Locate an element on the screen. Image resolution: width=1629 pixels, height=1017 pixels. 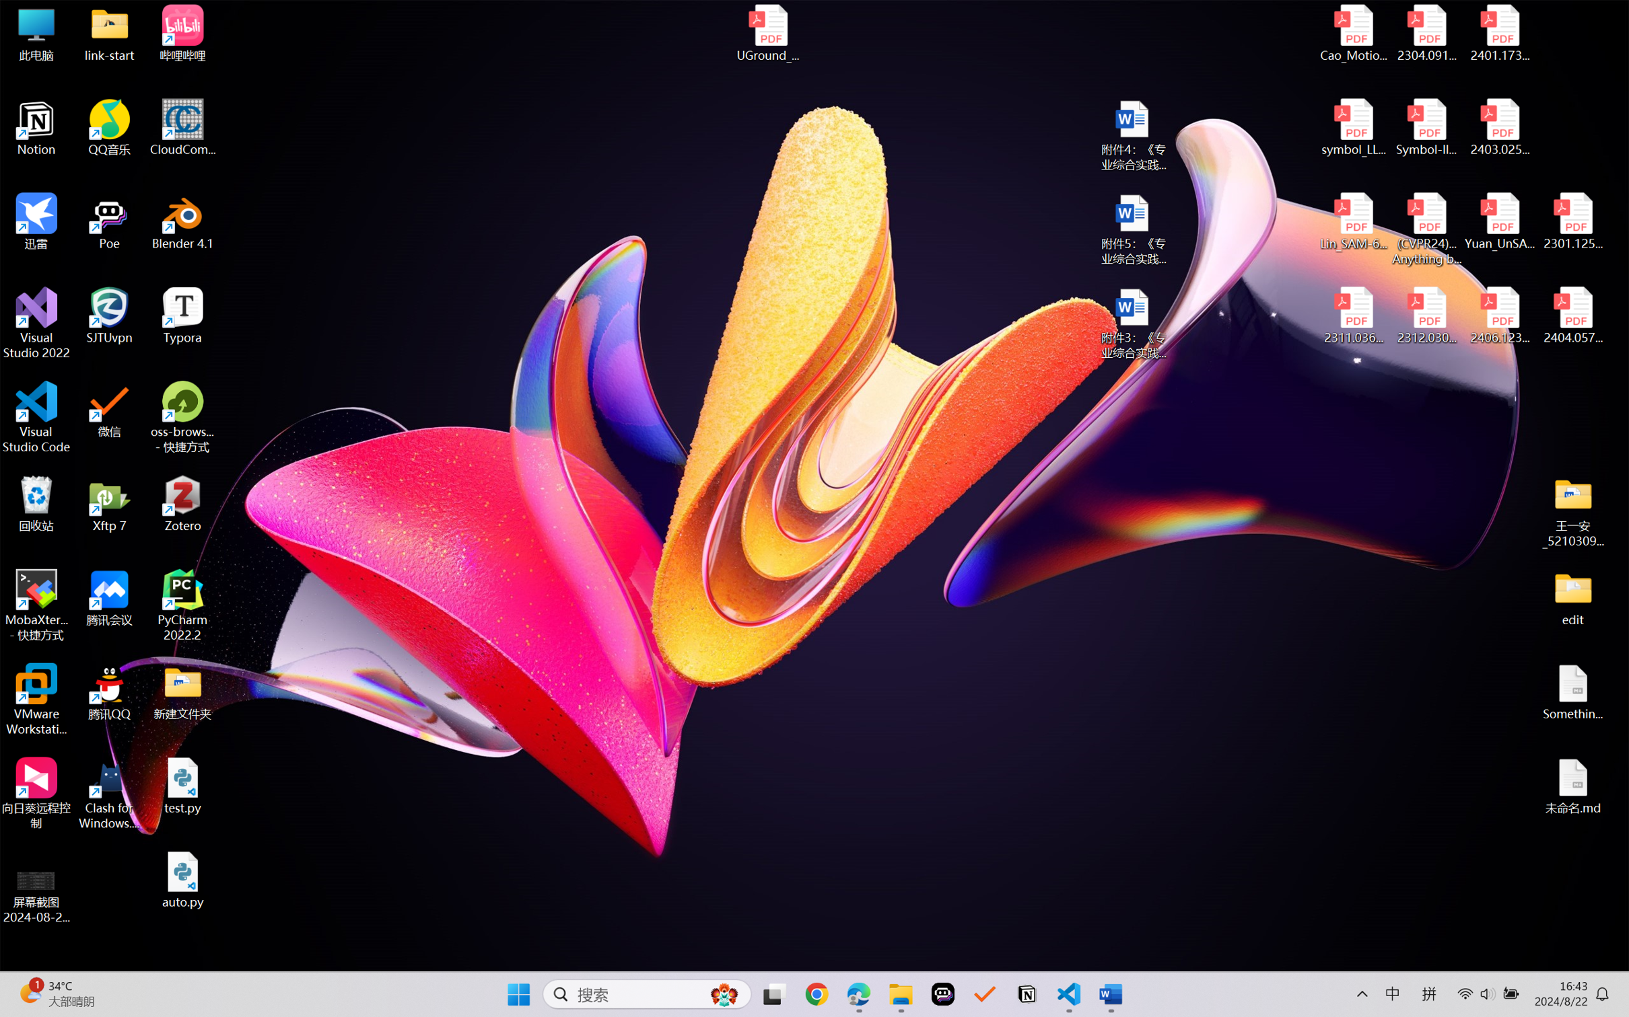
'SJTUvpn' is located at coordinates (110, 315).